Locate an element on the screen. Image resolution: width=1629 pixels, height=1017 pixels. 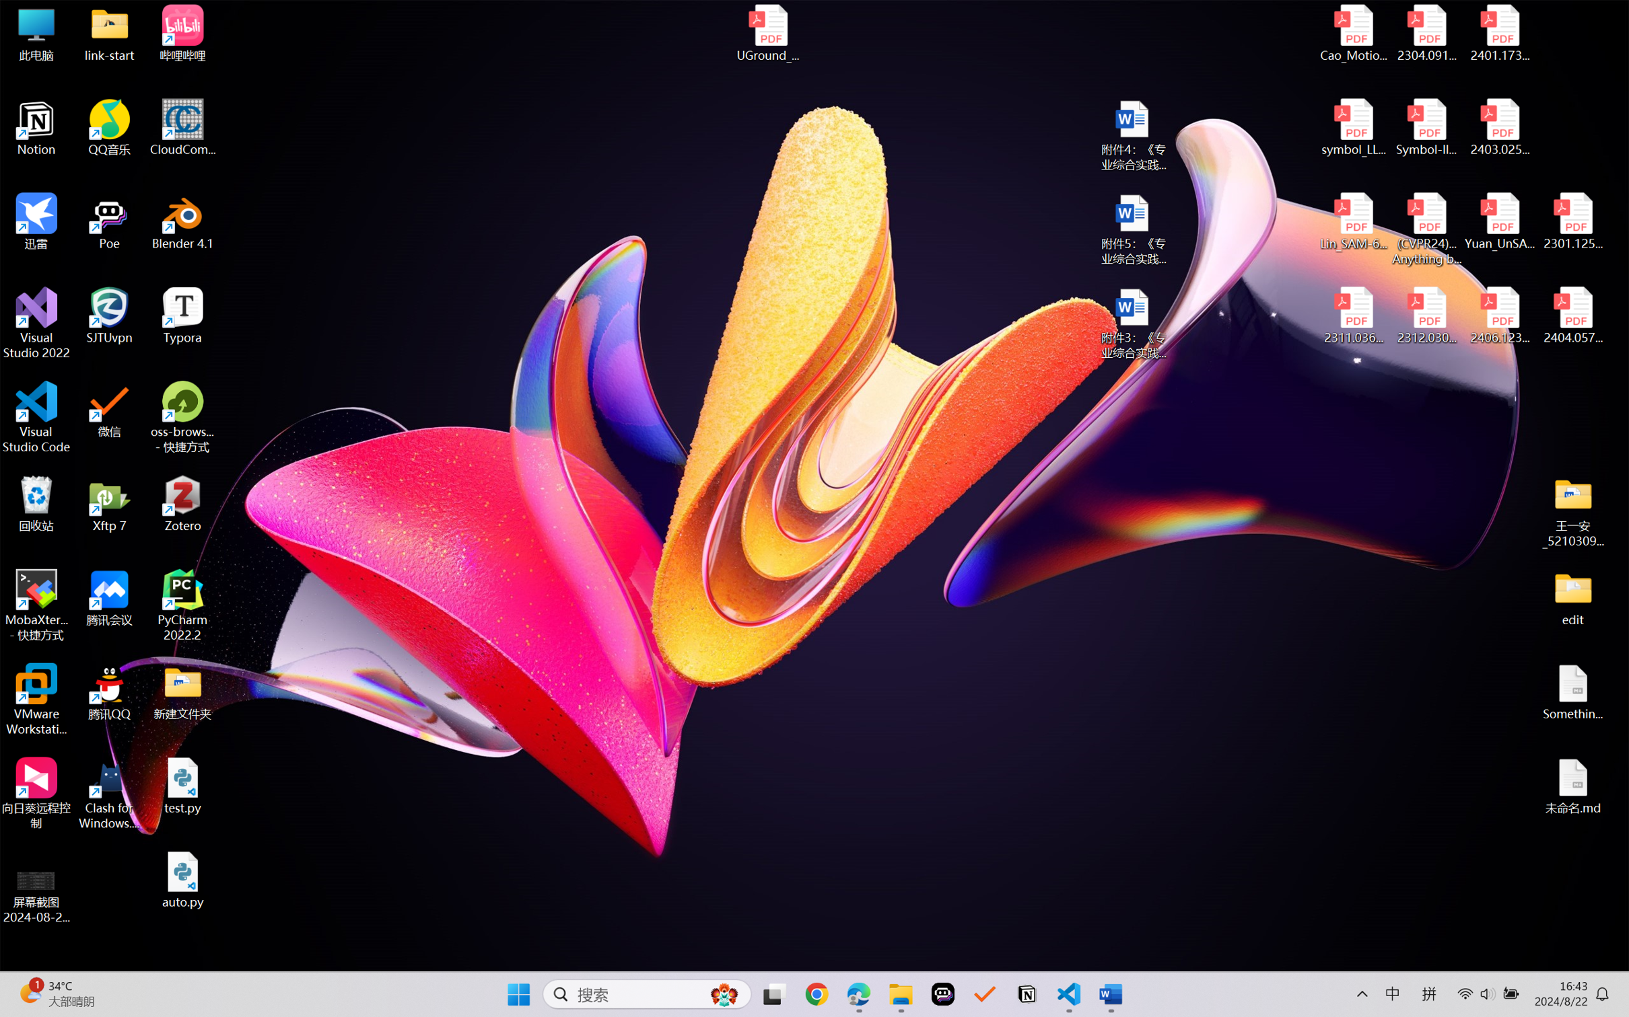
'SJTUvpn' is located at coordinates (110, 315).